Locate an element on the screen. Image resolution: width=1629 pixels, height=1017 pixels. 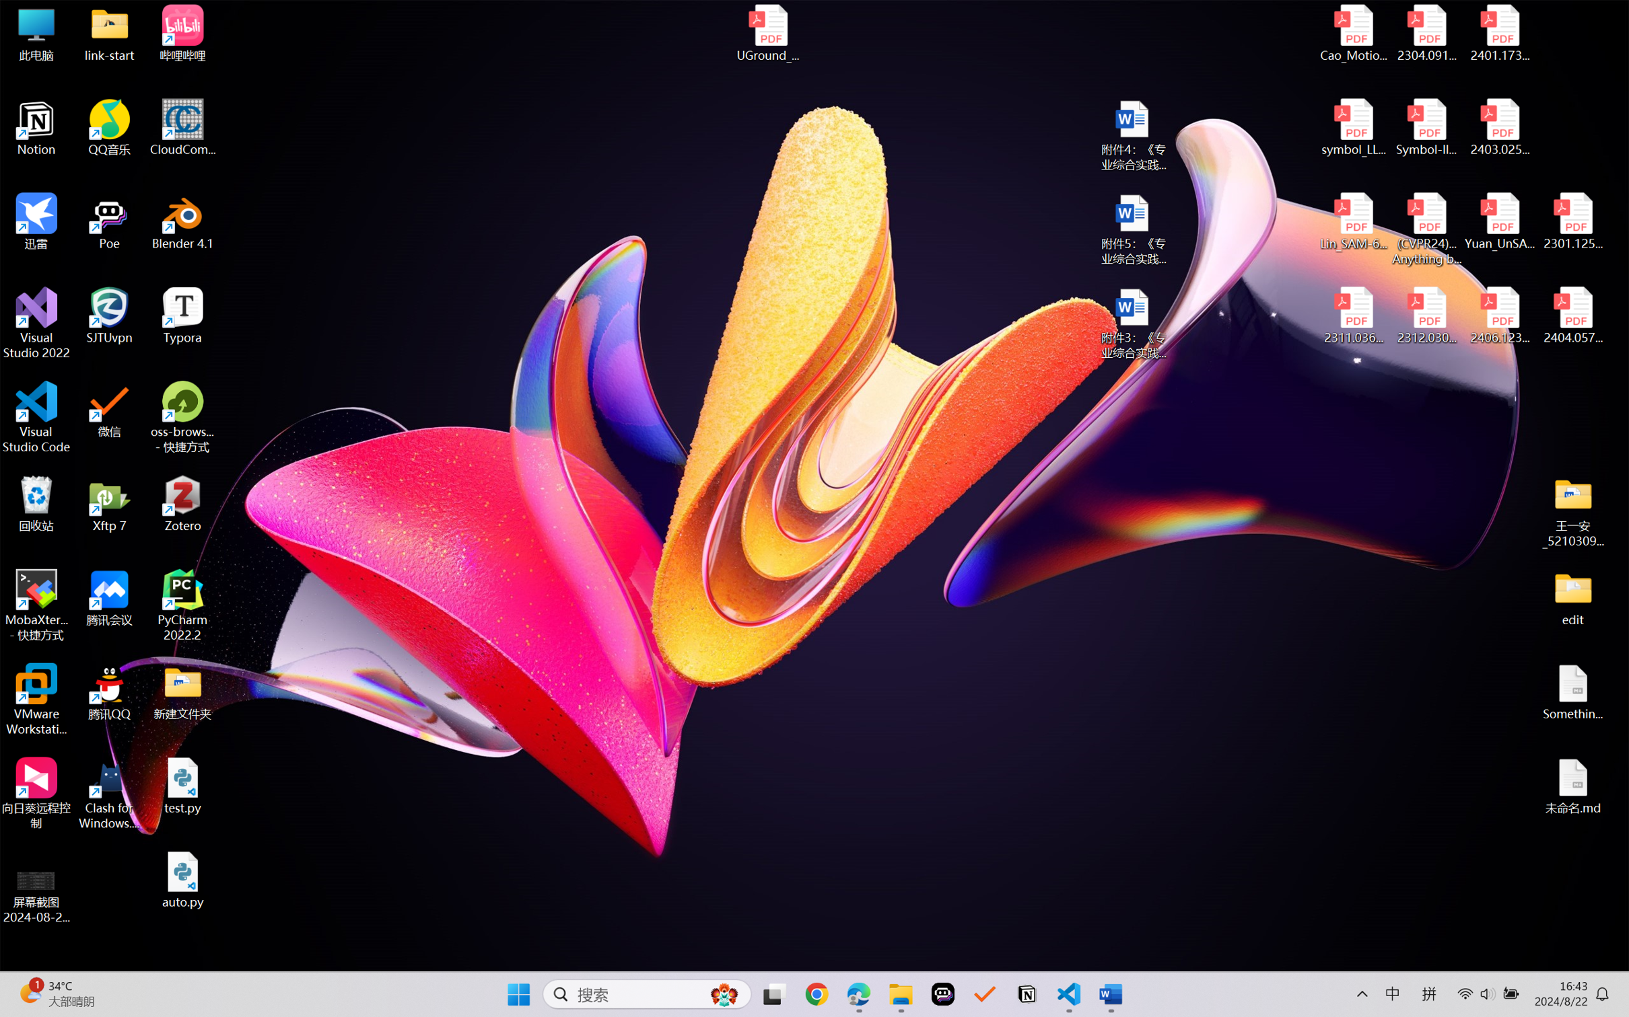
'SJTUvpn' is located at coordinates (110, 315).